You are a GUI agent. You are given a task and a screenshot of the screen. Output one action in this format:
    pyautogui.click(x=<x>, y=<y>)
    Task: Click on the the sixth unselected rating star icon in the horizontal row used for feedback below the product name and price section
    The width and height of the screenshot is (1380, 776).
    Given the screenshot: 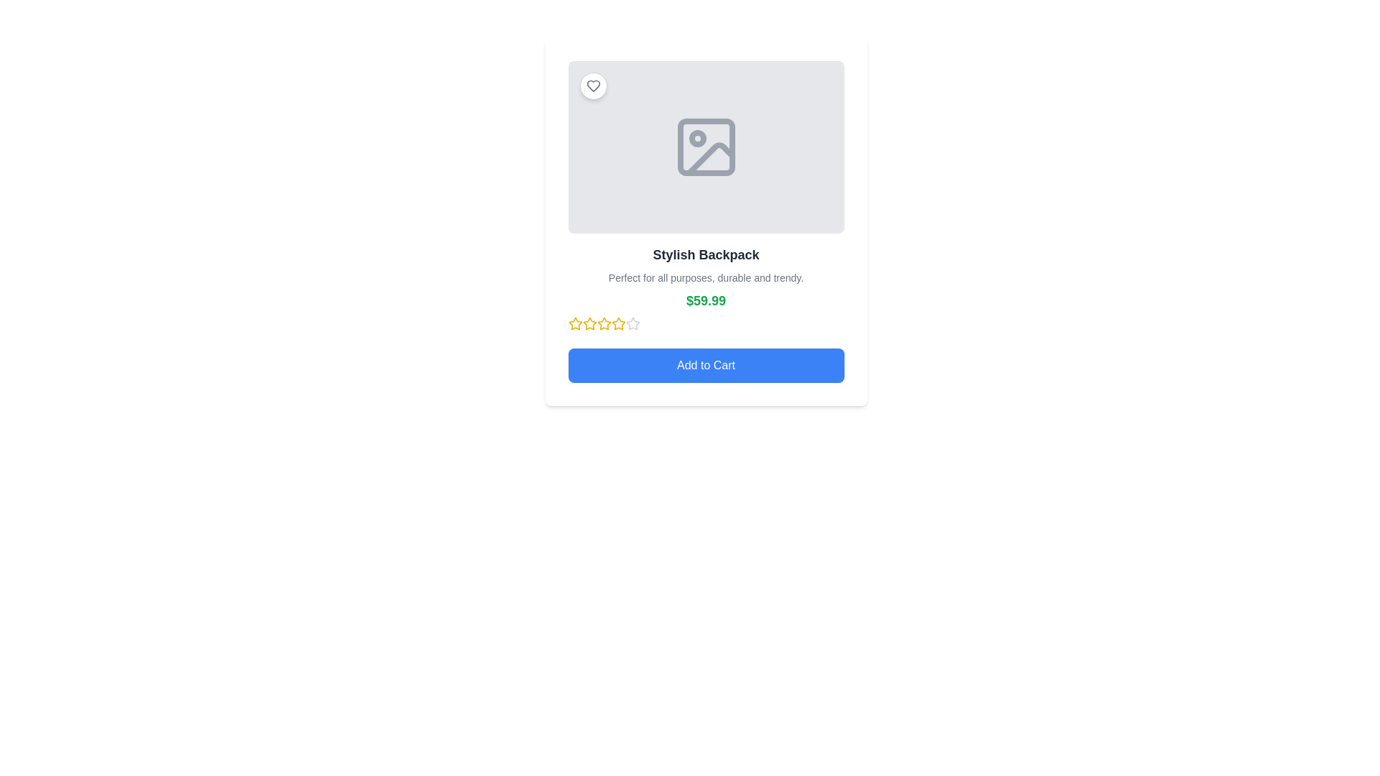 What is the action you would take?
    pyautogui.click(x=632, y=324)
    